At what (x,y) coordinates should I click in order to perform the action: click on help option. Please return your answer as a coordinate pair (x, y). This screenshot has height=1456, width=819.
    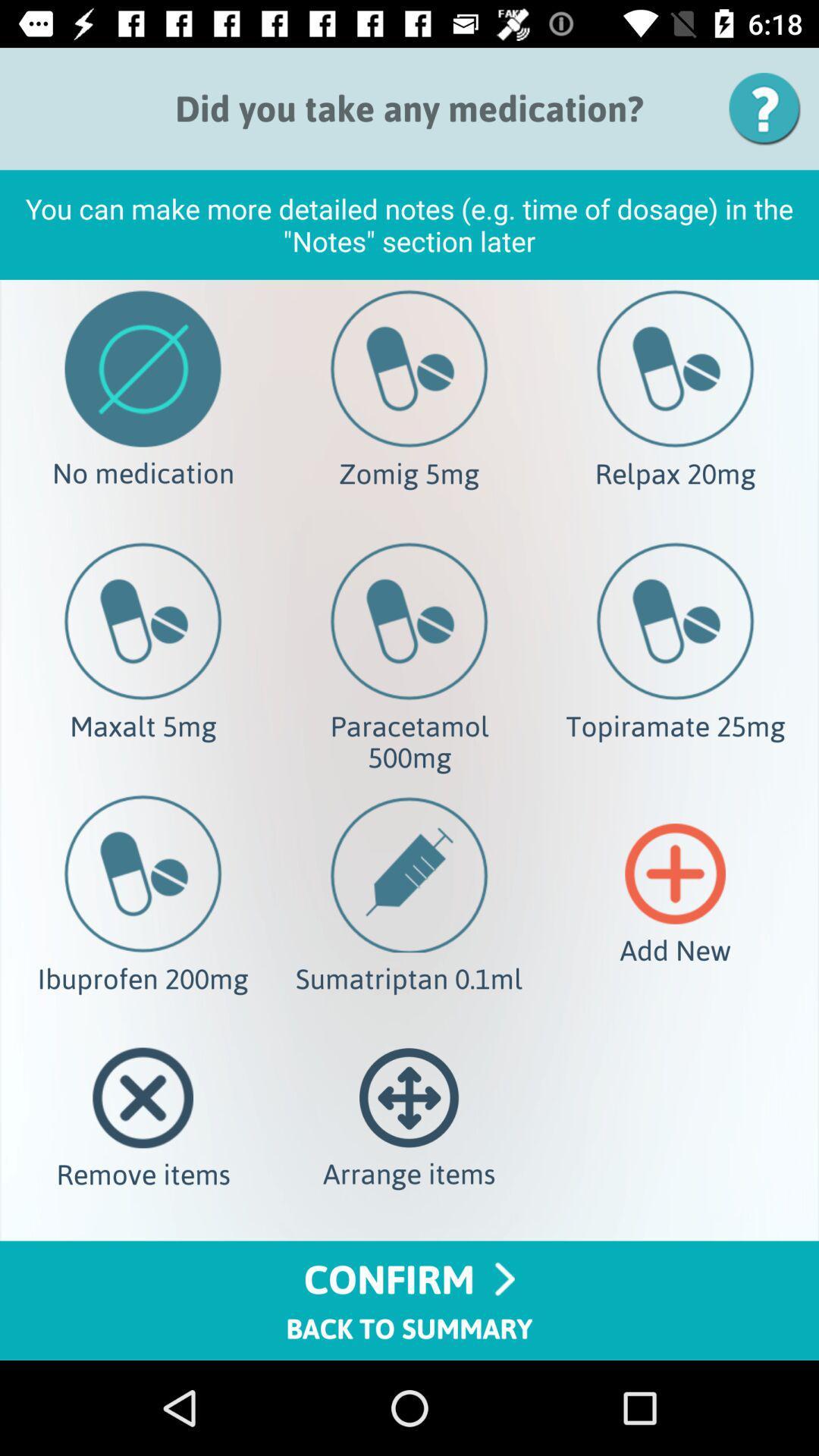
    Looking at the image, I should click on (770, 108).